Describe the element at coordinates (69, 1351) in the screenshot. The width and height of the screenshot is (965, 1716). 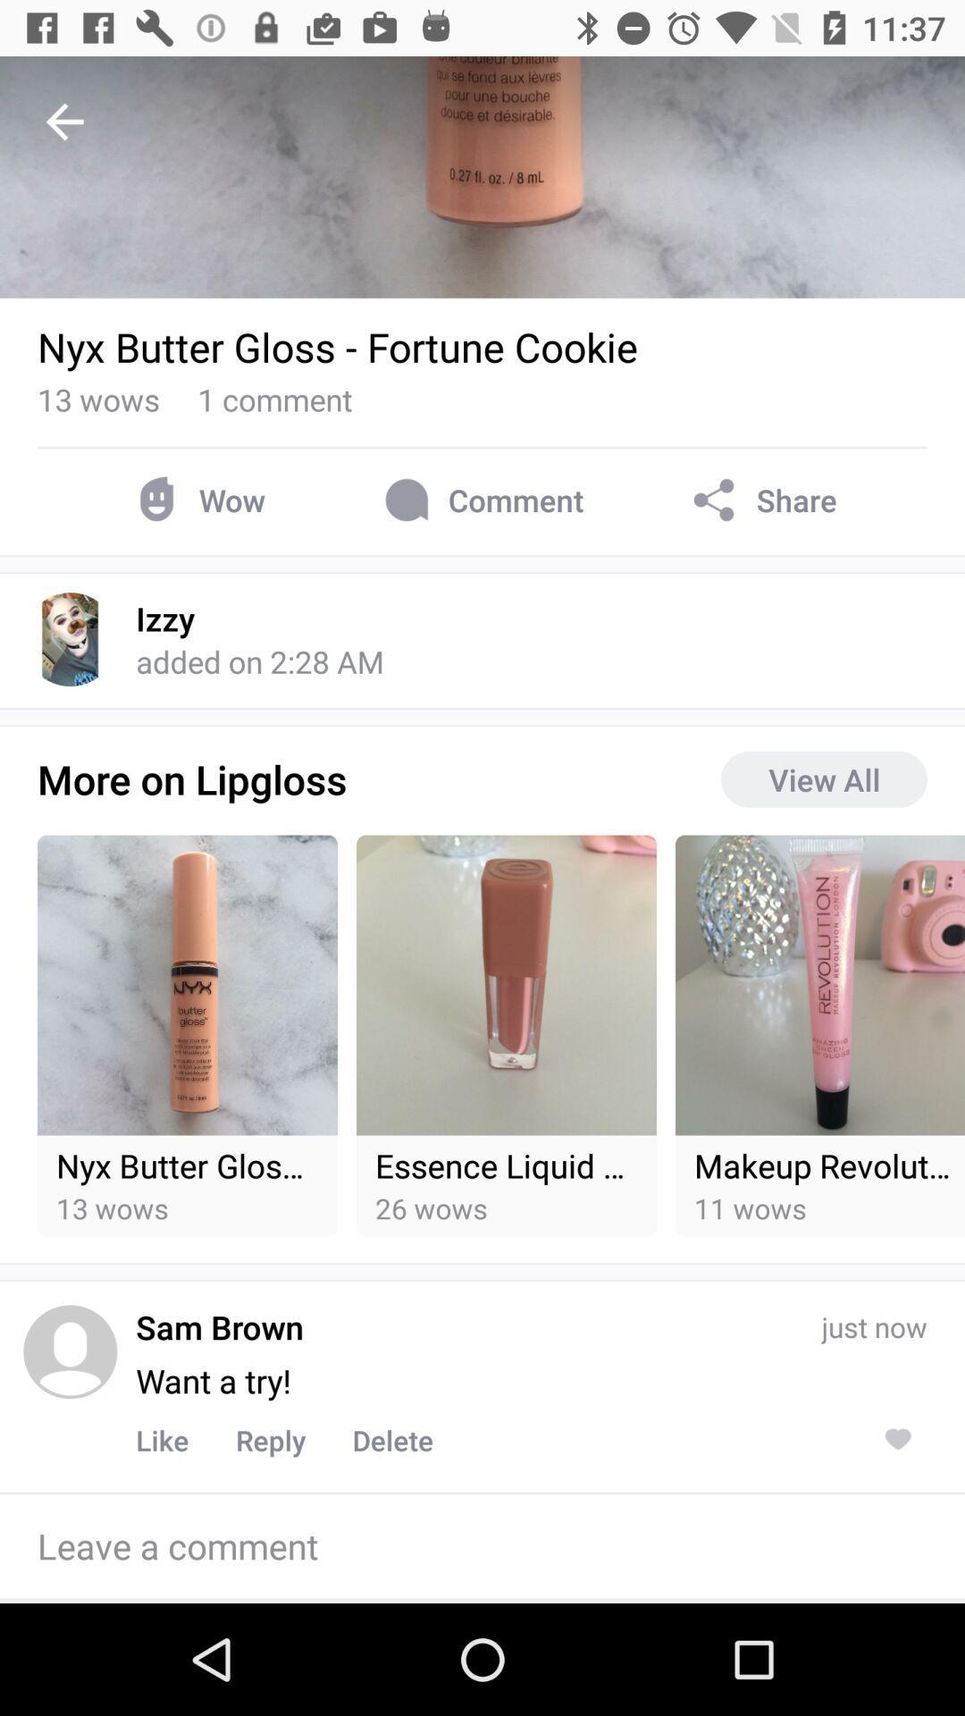
I see `the item next to sam brown icon` at that location.